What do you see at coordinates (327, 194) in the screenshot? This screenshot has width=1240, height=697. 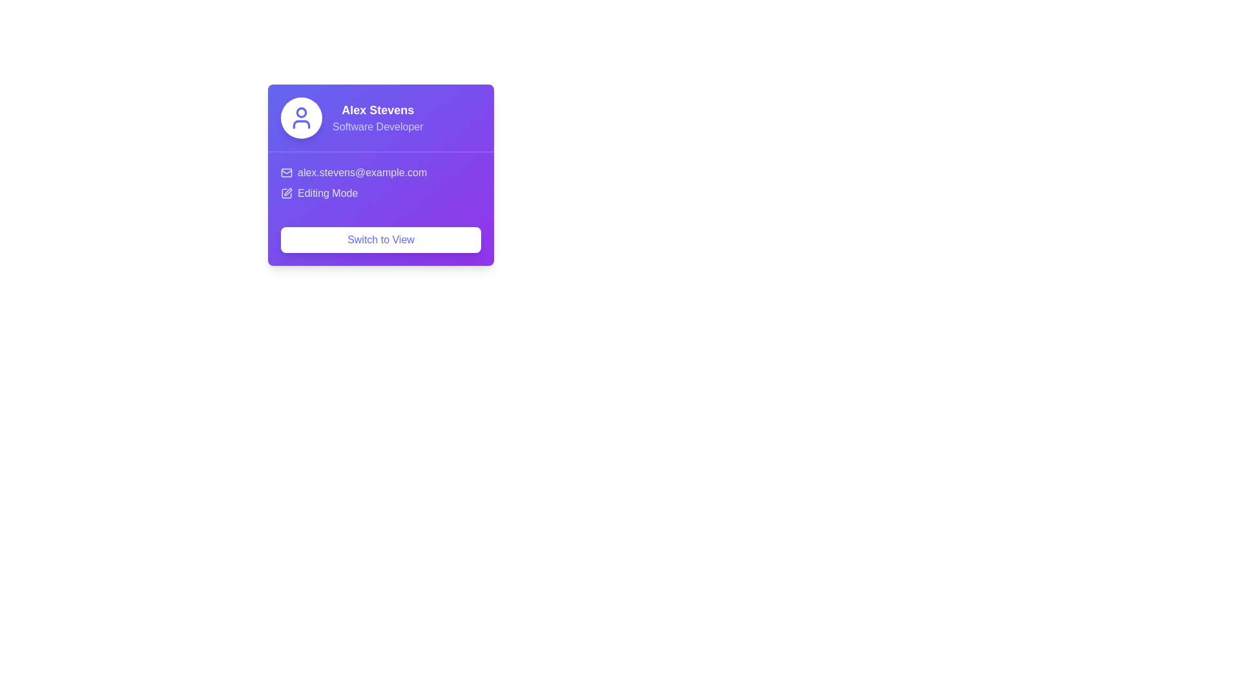 I see `displayed text of the 'Editing Mode' label, which is positioned above the 'Switch to View' button in the bottom section of a card-like UI component, following an icon of a pencil-like editing tool` at bounding box center [327, 194].